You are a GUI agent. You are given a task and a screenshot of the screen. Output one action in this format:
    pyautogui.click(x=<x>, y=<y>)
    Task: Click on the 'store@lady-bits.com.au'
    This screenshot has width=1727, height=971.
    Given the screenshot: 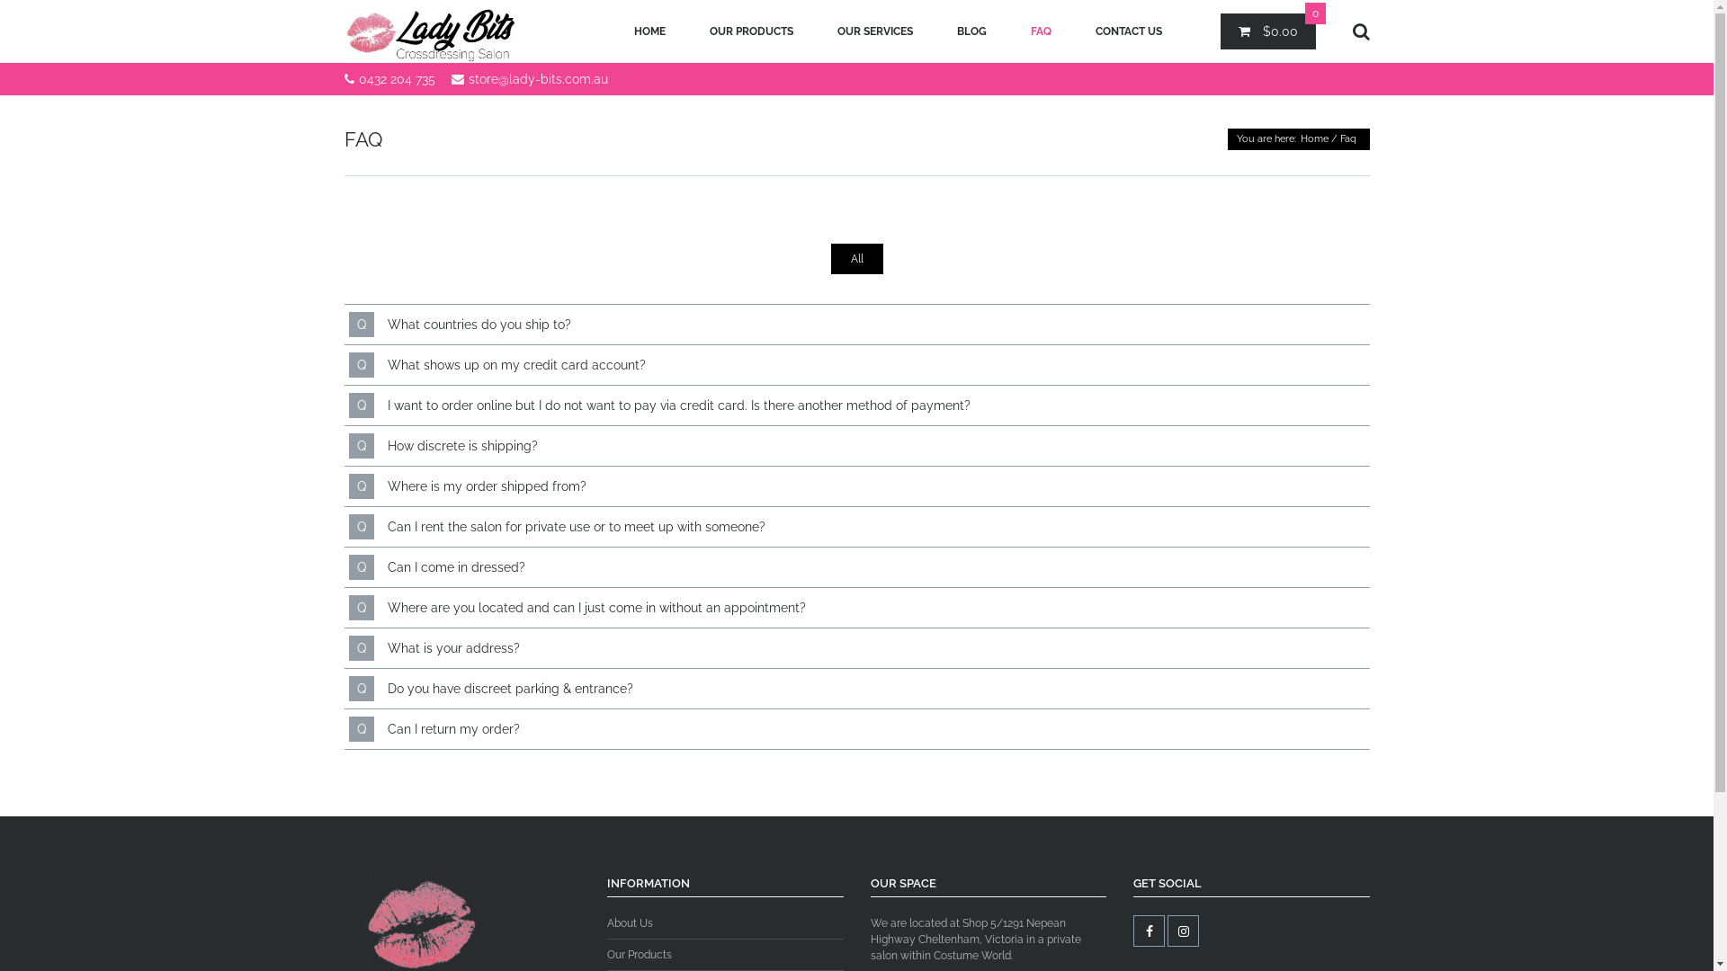 What is the action you would take?
    pyautogui.click(x=536, y=78)
    